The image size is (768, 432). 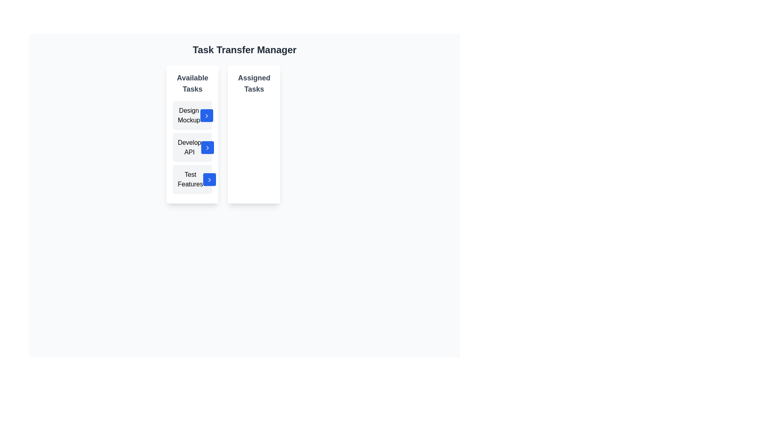 What do you see at coordinates (208, 148) in the screenshot?
I see `the button located to the right of the 'Develop API' text label` at bounding box center [208, 148].